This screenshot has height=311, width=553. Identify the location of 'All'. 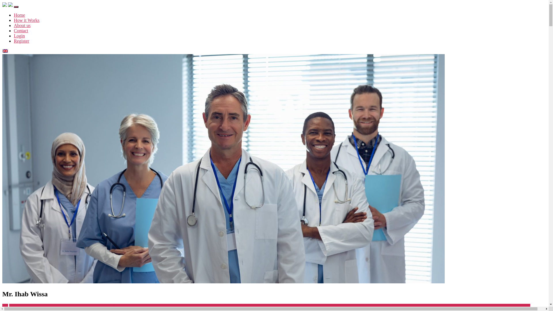
(5, 306).